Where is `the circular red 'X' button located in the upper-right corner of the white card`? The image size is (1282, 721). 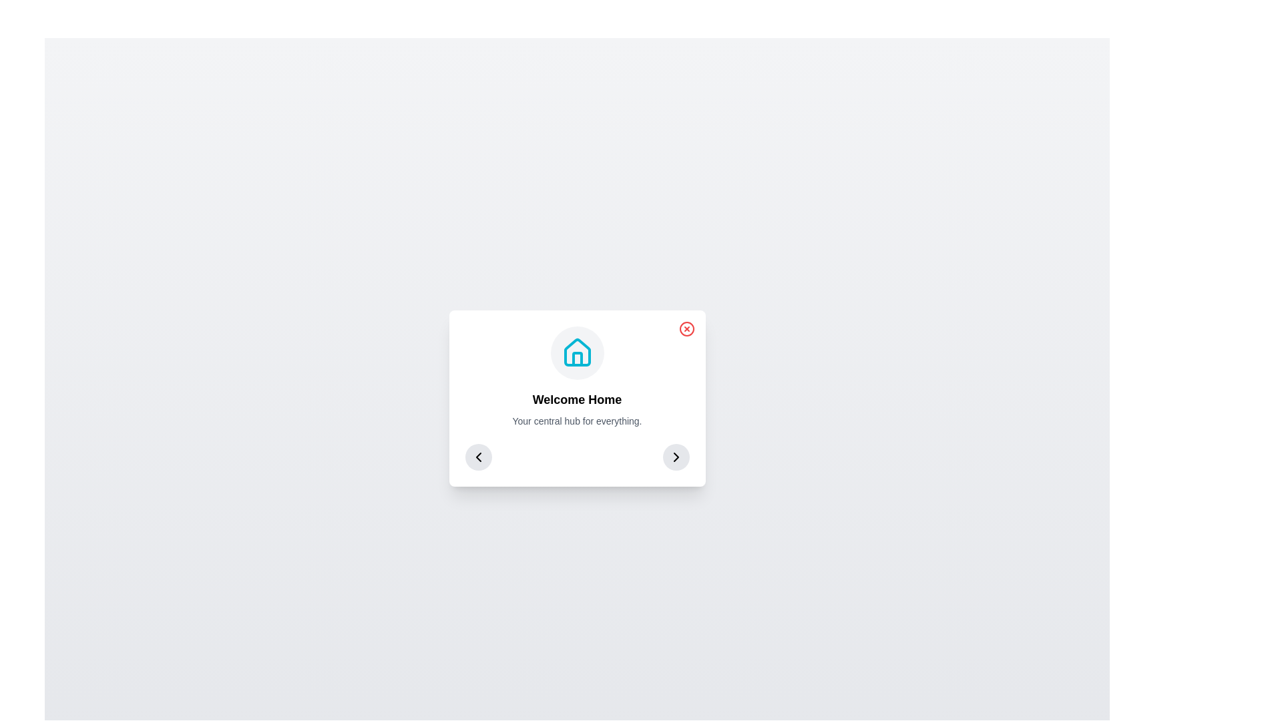
the circular red 'X' button located in the upper-right corner of the white card is located at coordinates (686, 329).